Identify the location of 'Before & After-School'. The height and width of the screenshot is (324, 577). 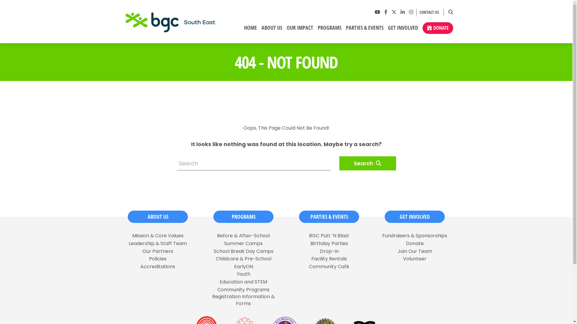
(243, 235).